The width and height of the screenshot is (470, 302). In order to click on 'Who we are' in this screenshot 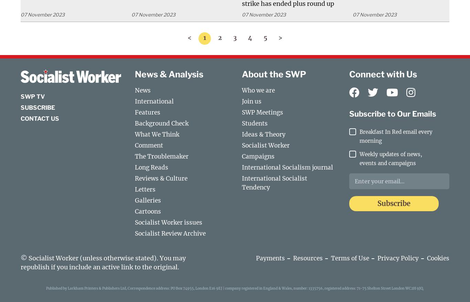, I will do `click(258, 90)`.